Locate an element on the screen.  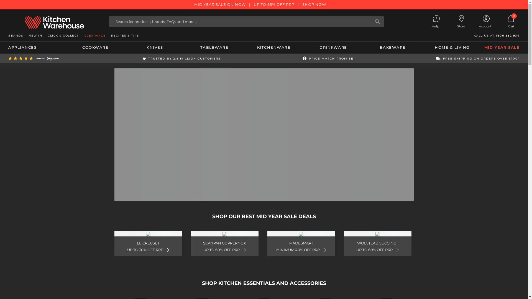
'FREE SHIPPING ON ORDERS OVER $100*' is located at coordinates (477, 58).